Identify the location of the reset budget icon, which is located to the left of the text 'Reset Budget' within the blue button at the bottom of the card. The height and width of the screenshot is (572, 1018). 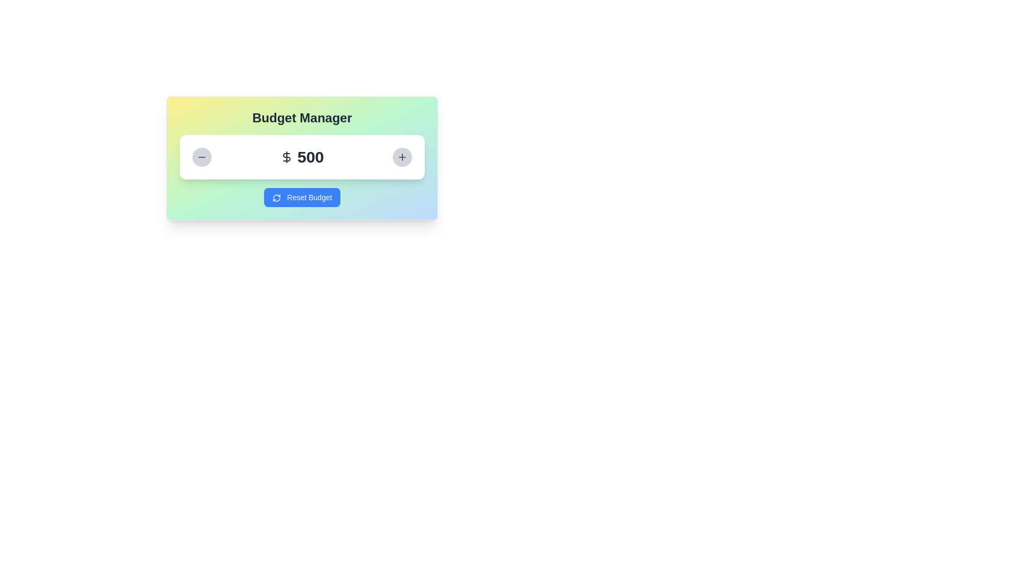
(276, 198).